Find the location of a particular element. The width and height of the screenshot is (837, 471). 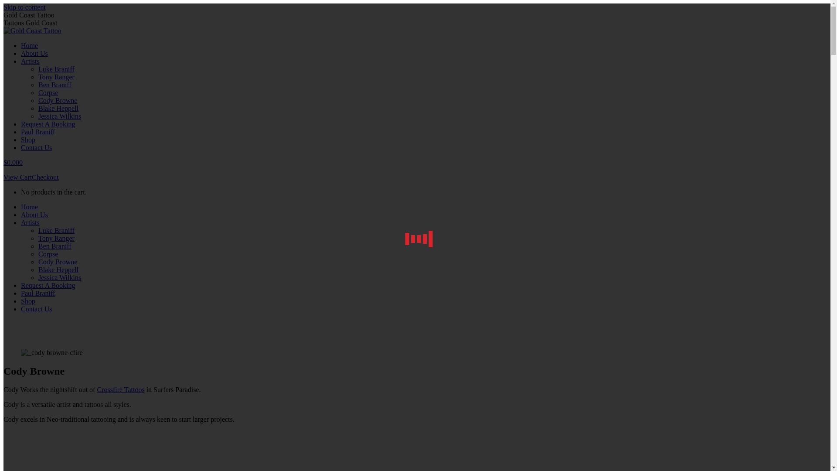

'Paul Braniff' is located at coordinates (37, 293).